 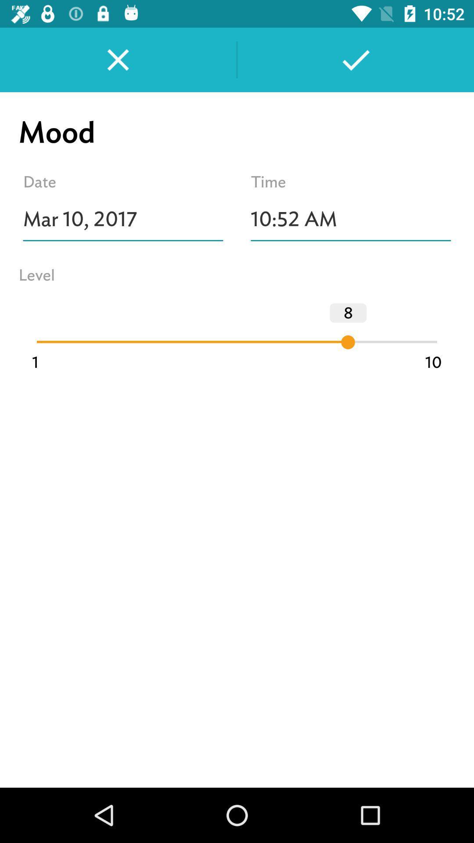 What do you see at coordinates (350, 219) in the screenshot?
I see `item next to the mar 10, 2017 item` at bounding box center [350, 219].